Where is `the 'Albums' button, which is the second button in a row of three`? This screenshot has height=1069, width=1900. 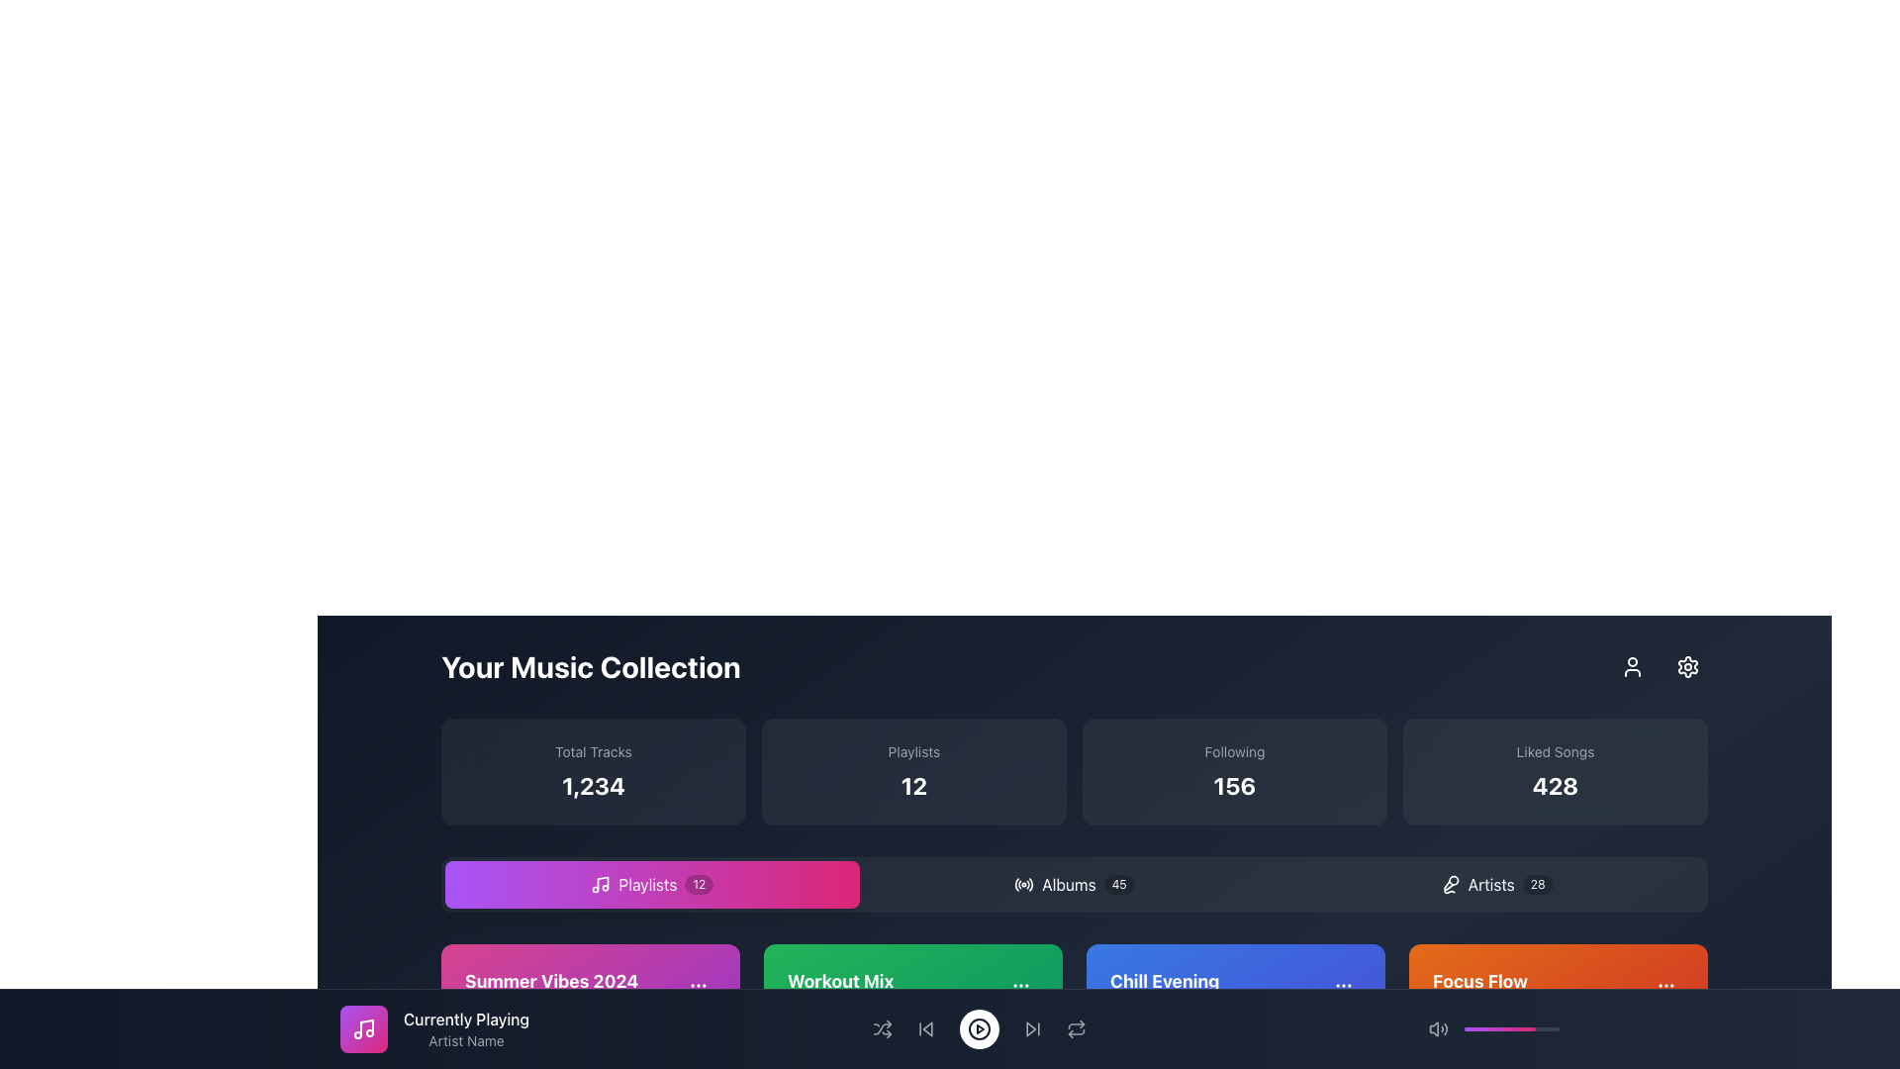 the 'Albums' button, which is the second button in a row of three is located at coordinates (1073, 884).